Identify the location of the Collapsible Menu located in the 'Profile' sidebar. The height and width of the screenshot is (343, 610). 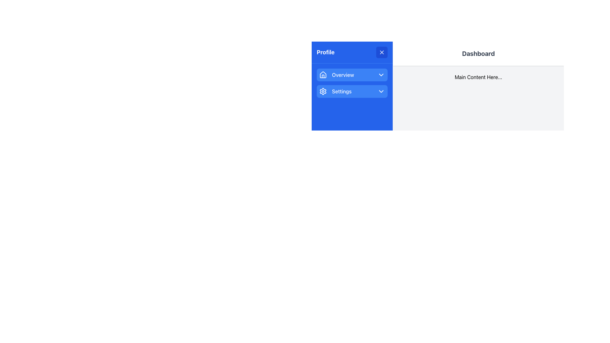
(352, 83).